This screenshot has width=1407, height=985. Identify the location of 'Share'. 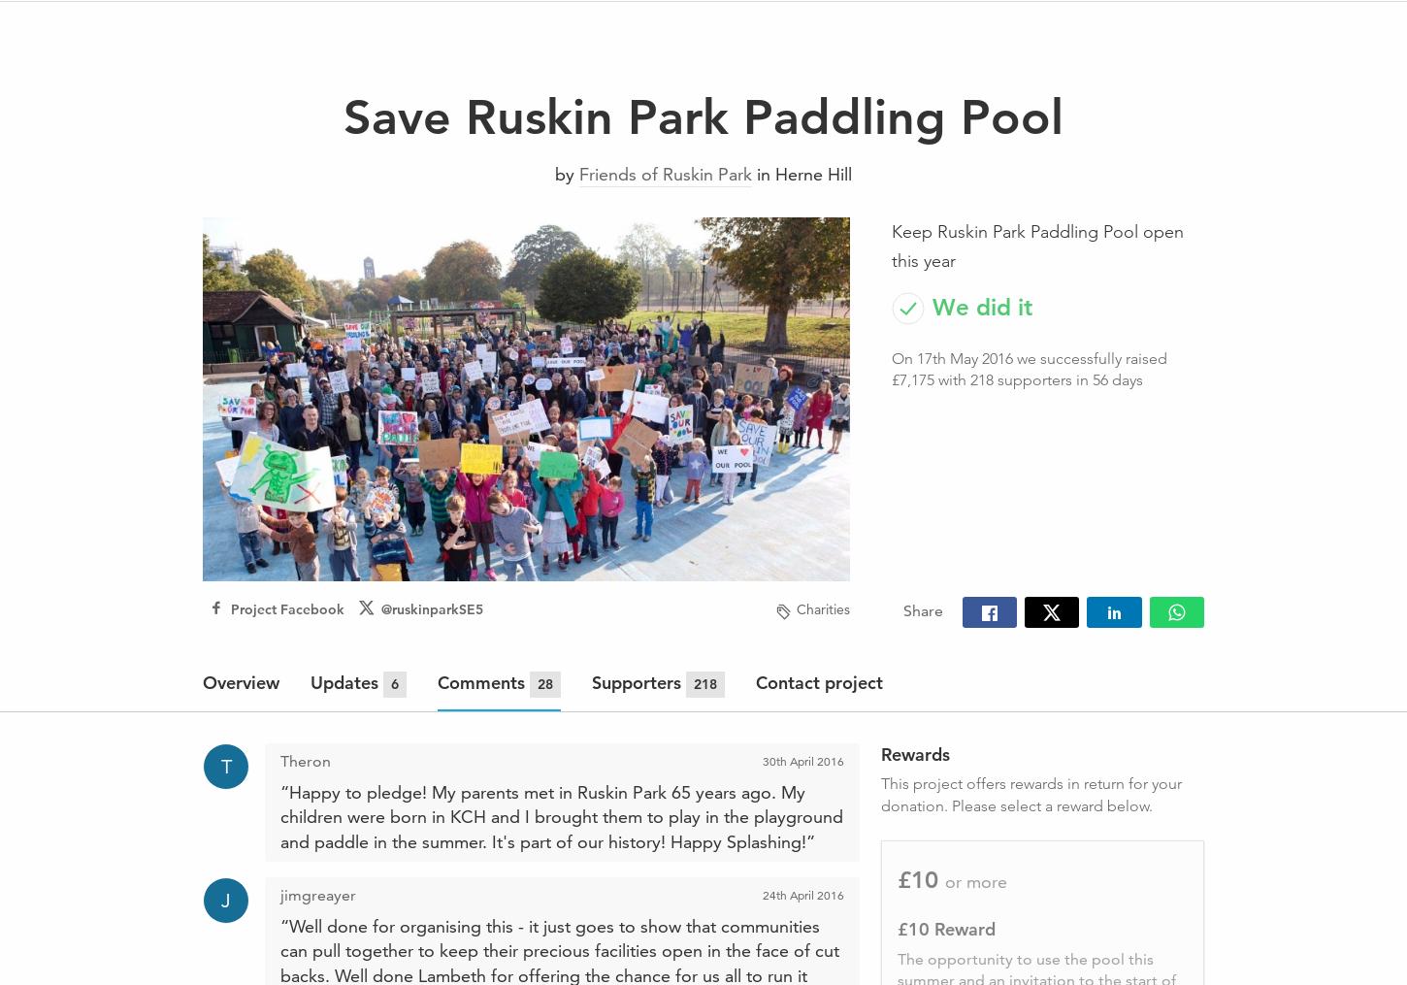
(921, 609).